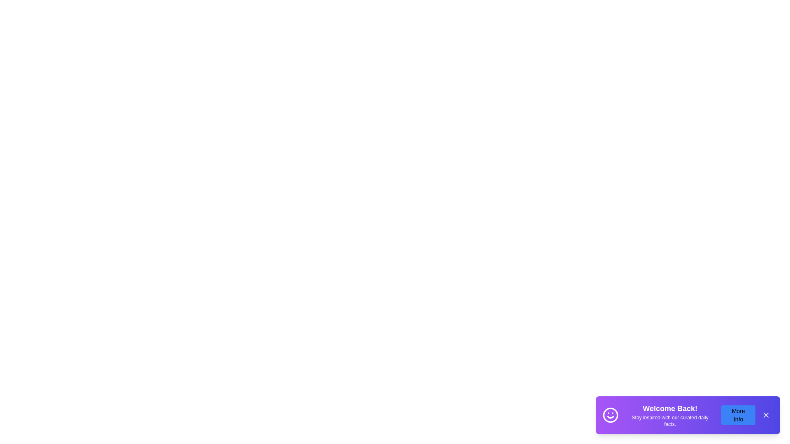 This screenshot has height=444, width=790. Describe the element at coordinates (738, 415) in the screenshot. I see `'More Info' button to access additional details` at that location.